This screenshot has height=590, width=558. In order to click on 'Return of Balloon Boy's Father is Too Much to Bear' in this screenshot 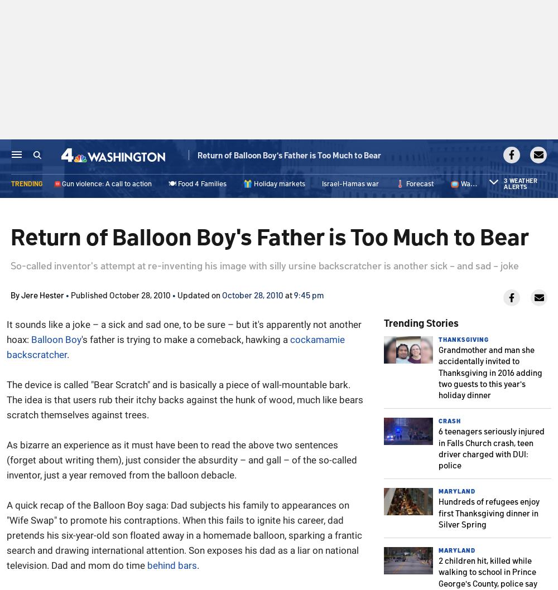, I will do `click(11, 235)`.